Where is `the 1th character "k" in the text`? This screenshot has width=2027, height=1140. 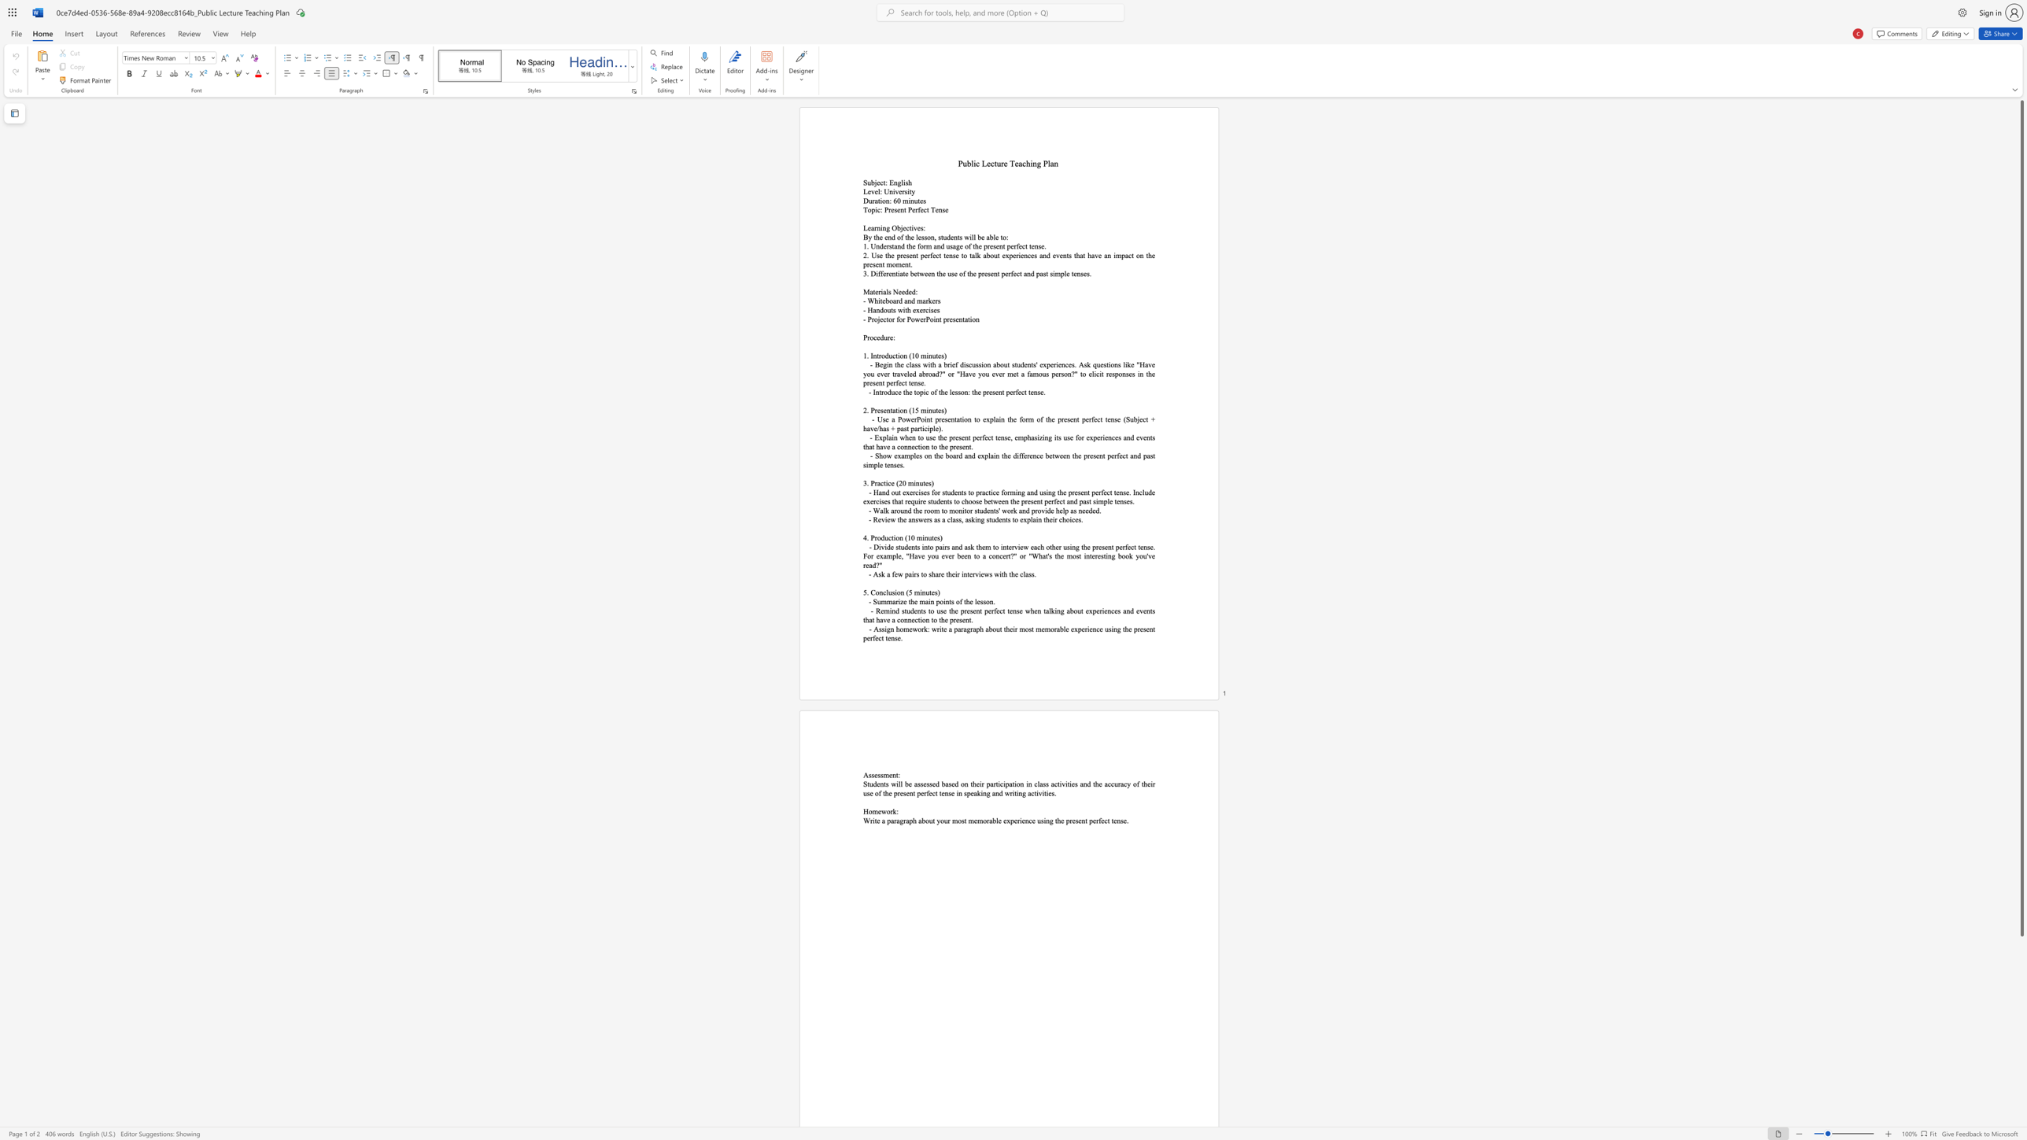 the 1th character "k" in the text is located at coordinates (977, 255).